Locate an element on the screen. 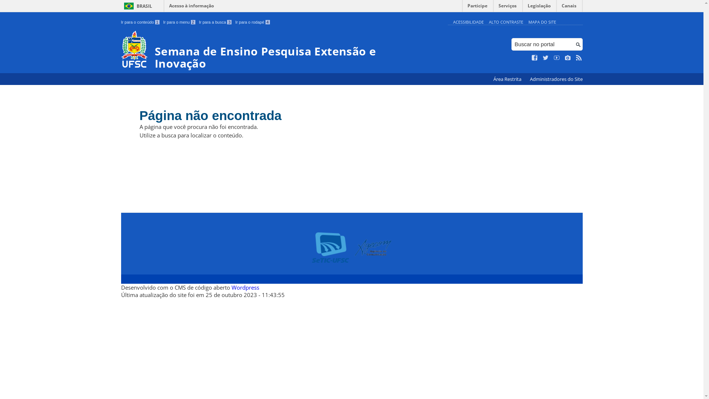 The width and height of the screenshot is (709, 399). 'BRASIL' is located at coordinates (137, 6).